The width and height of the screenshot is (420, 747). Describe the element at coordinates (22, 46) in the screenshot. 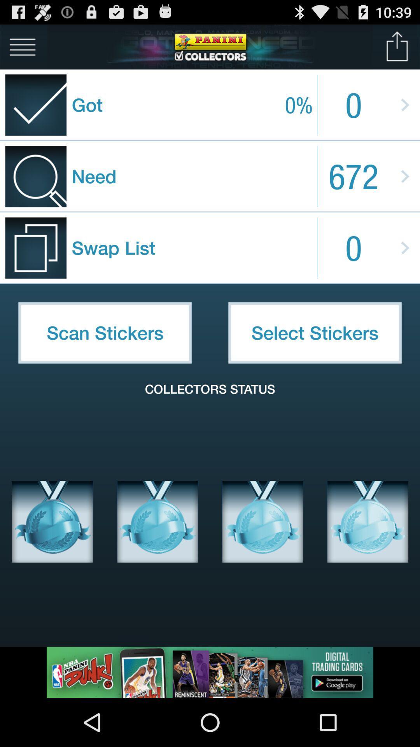

I see `the icon to the left of the got item` at that location.